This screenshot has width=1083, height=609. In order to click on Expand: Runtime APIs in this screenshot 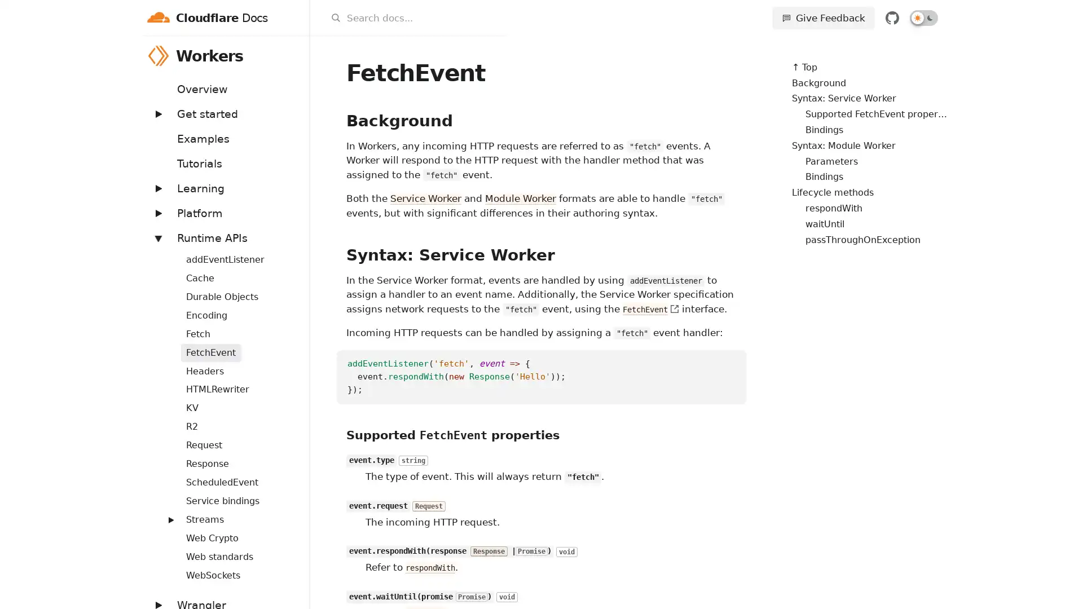, I will do `click(157, 237)`.